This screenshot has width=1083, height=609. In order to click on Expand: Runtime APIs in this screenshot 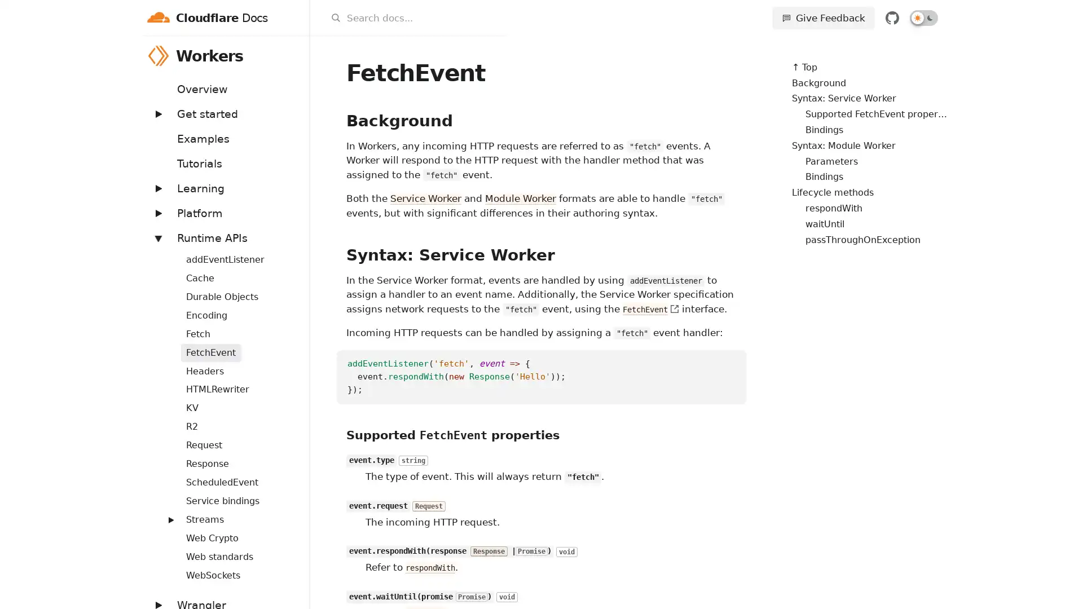, I will do `click(157, 237)`.